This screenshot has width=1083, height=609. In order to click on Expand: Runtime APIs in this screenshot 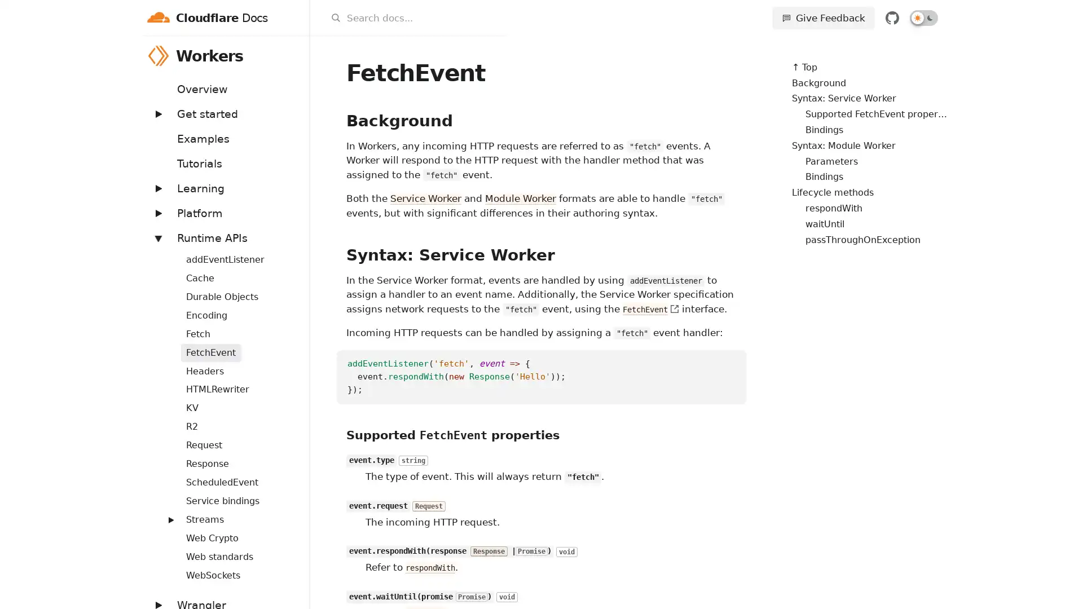, I will do `click(157, 237)`.